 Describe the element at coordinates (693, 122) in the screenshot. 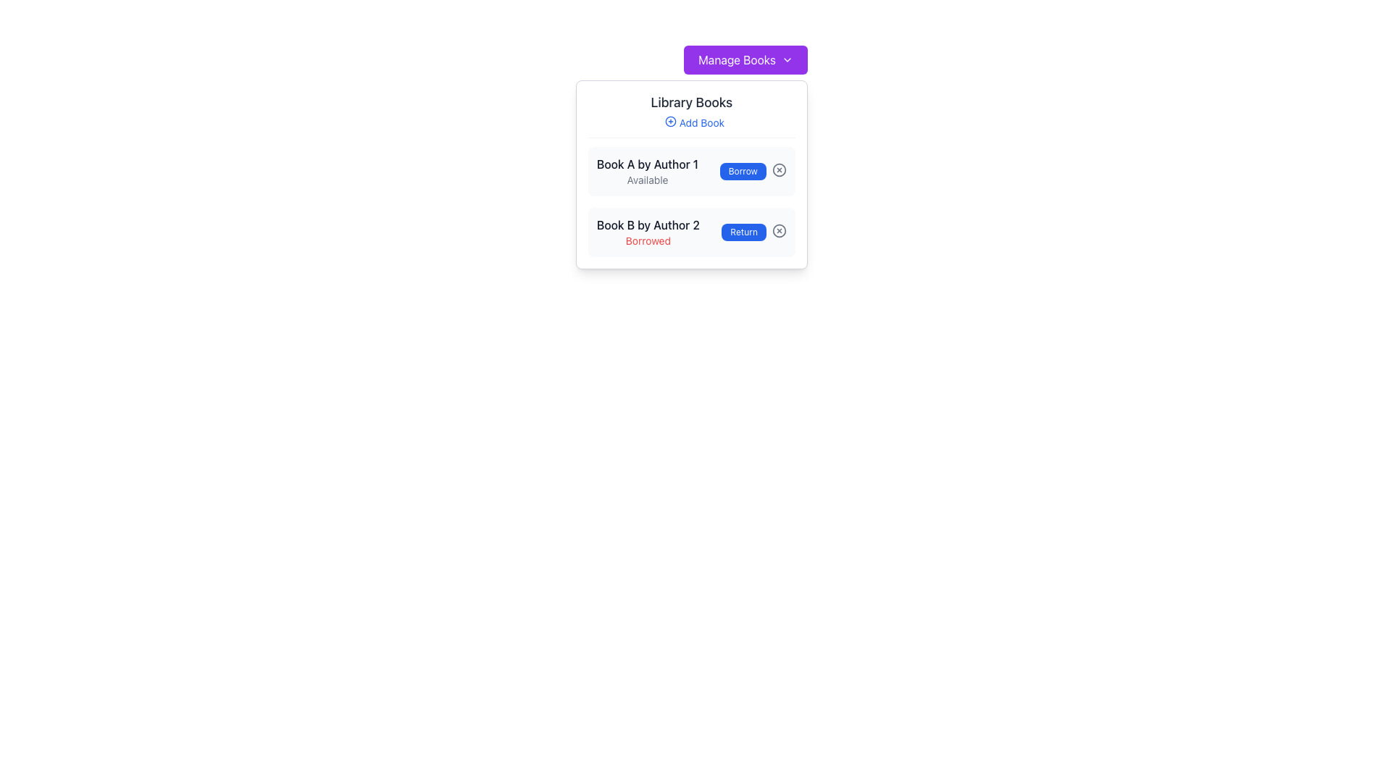

I see `the interactive button labeled 'Add Book' which features a blue styled text and an adjacent circular plus icon for visual feedback` at that location.